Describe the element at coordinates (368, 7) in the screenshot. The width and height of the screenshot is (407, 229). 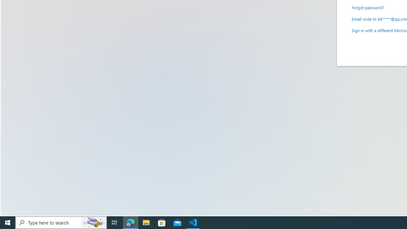
I see `'Forgot password?'` at that location.